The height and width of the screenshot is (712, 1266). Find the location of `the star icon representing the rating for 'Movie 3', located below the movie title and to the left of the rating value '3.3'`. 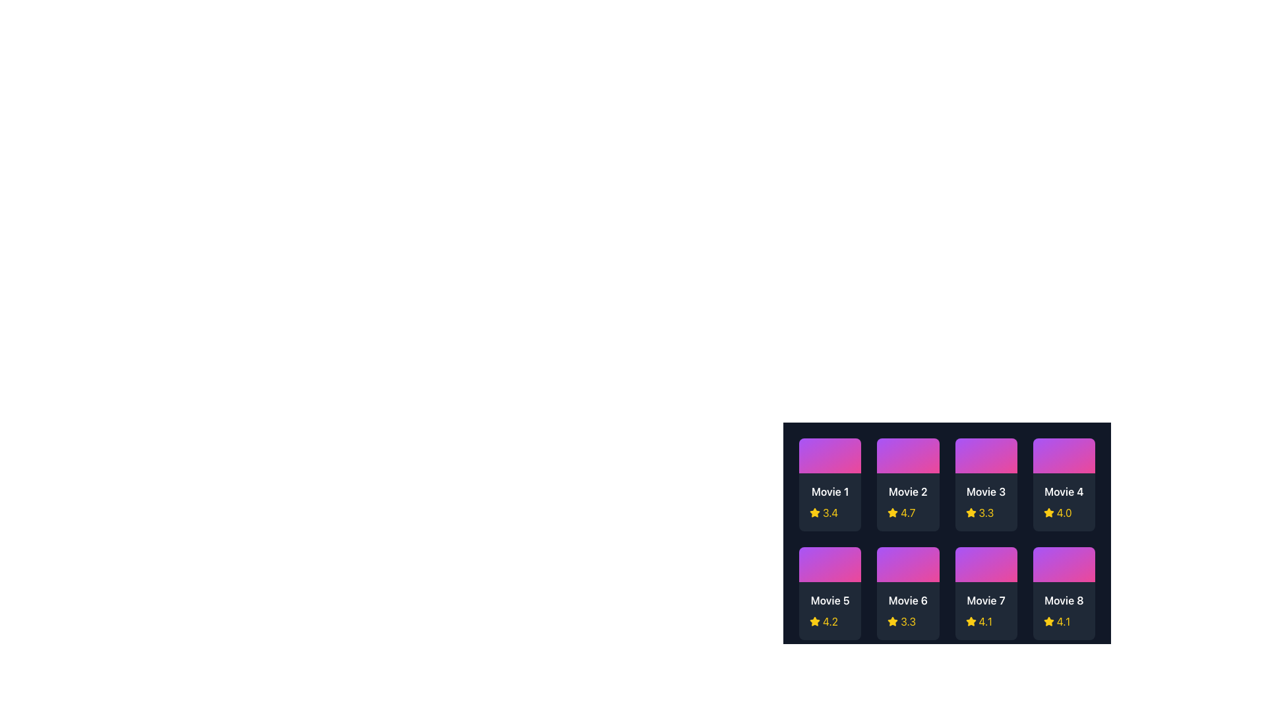

the star icon representing the rating for 'Movie 3', located below the movie title and to the left of the rating value '3.3' is located at coordinates (971, 512).